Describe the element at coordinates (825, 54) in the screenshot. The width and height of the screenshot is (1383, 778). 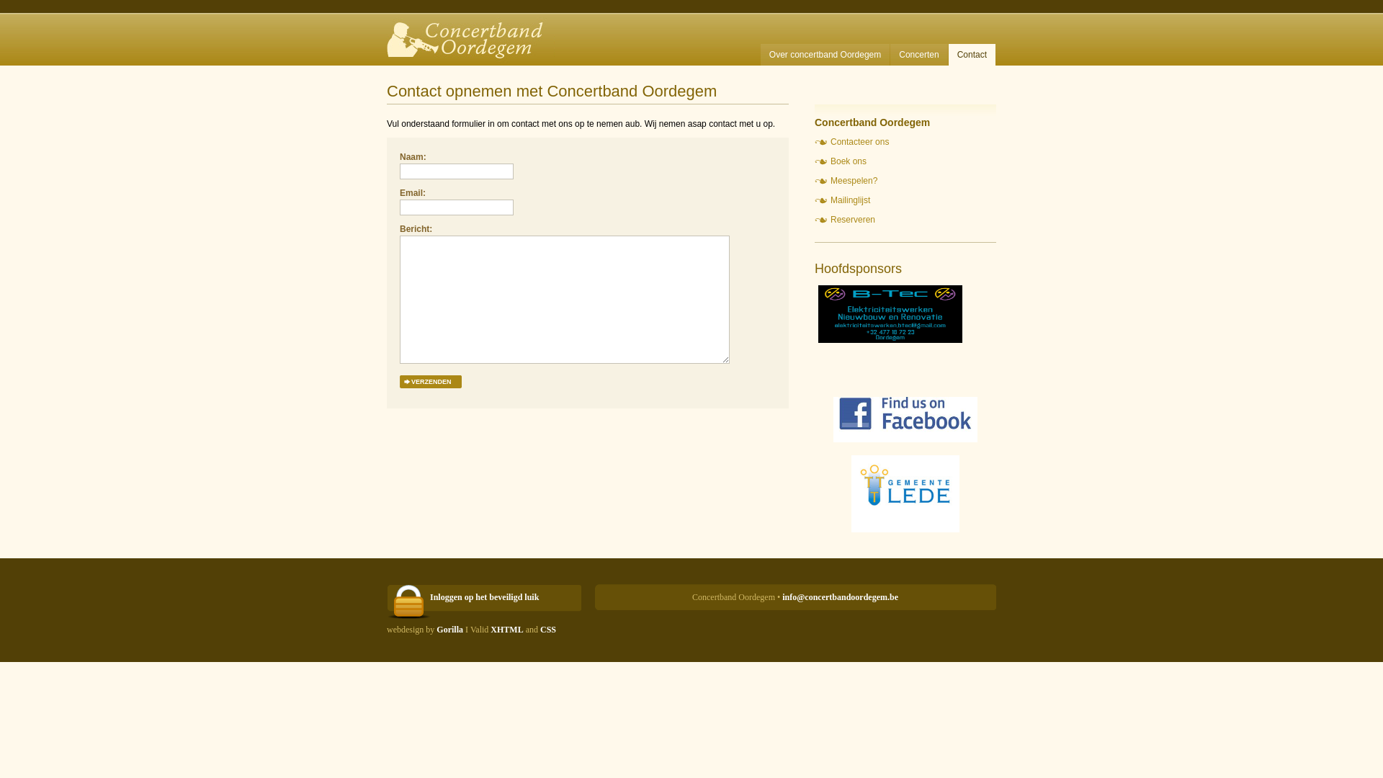
I see `'Over concertband Oordegem'` at that location.